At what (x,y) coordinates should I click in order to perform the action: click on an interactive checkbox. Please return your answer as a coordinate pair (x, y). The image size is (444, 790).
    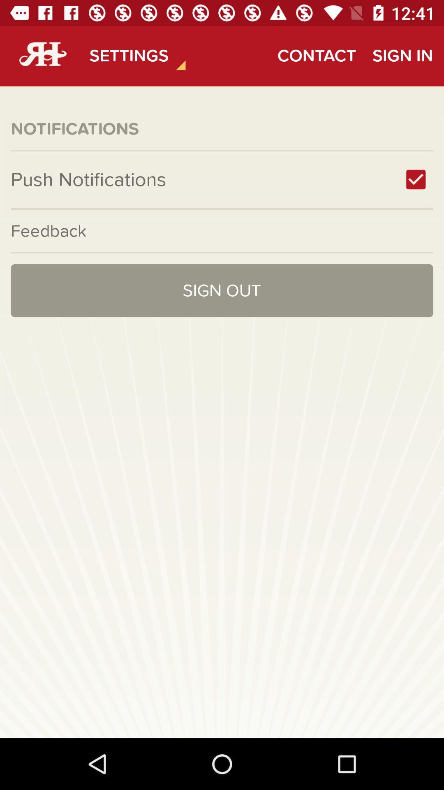
    Looking at the image, I should click on (416, 179).